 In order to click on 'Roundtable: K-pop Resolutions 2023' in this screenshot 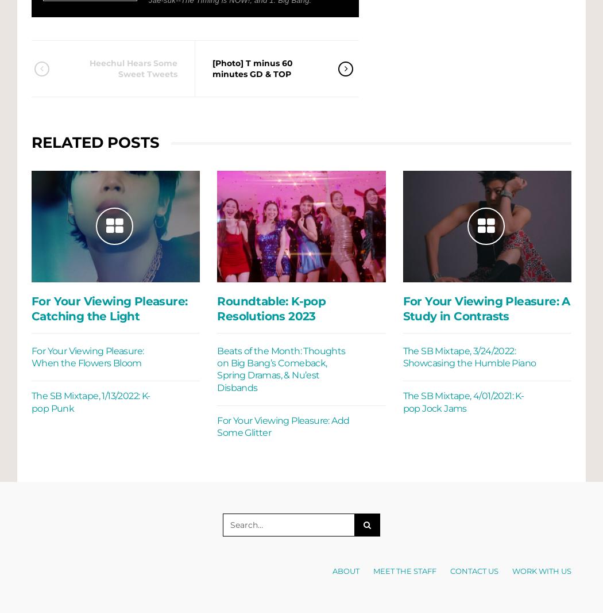, I will do `click(217, 308)`.